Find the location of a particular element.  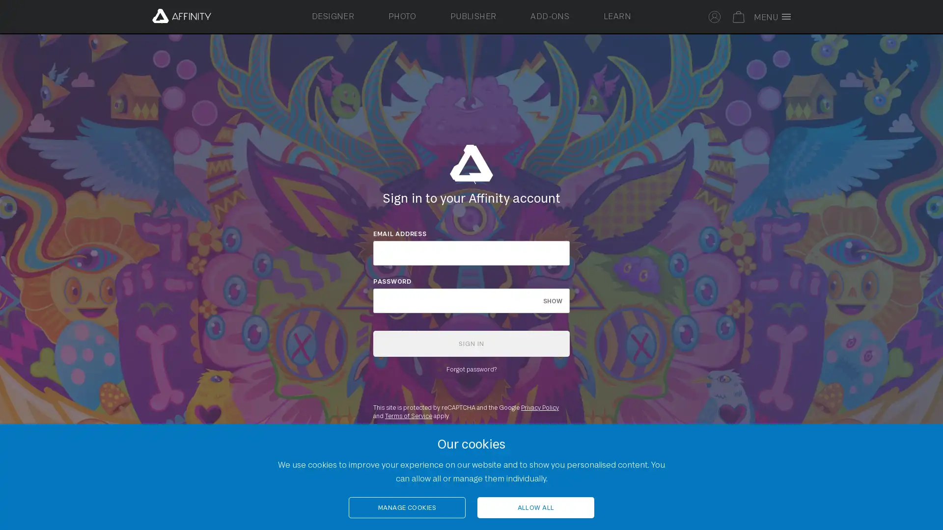

SHOW PASSWORD is located at coordinates (553, 300).